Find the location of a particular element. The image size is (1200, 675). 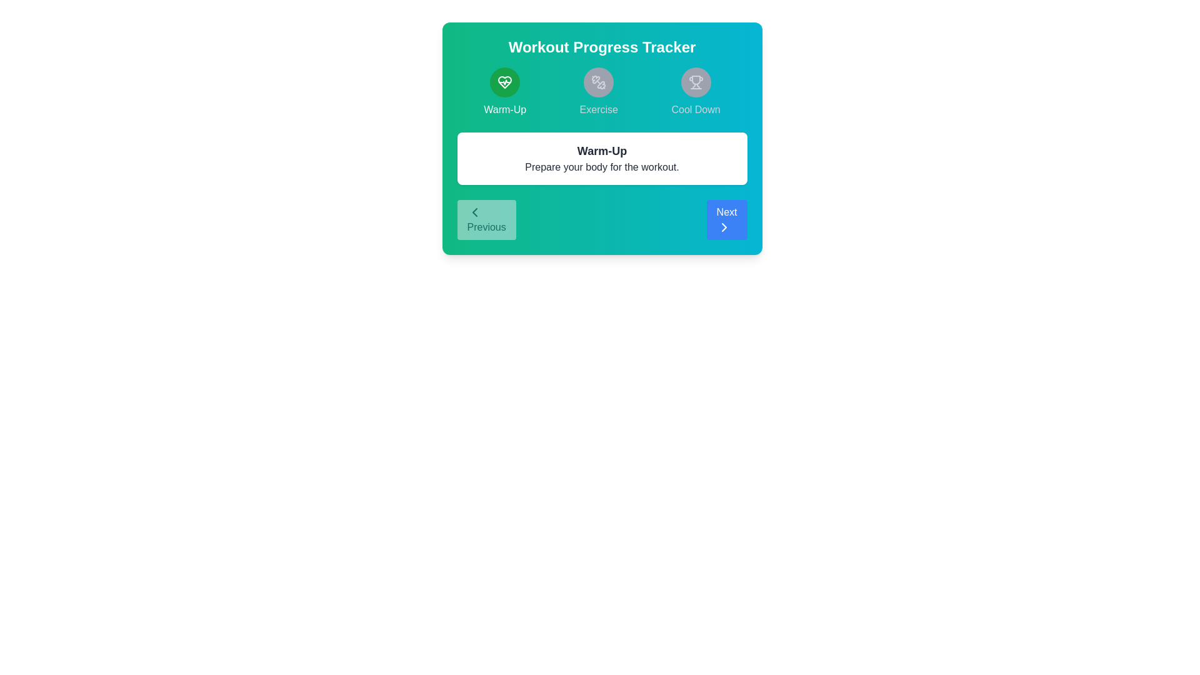

the 'Warm-Up' icon to inspect its visual representation is located at coordinates (504, 82).